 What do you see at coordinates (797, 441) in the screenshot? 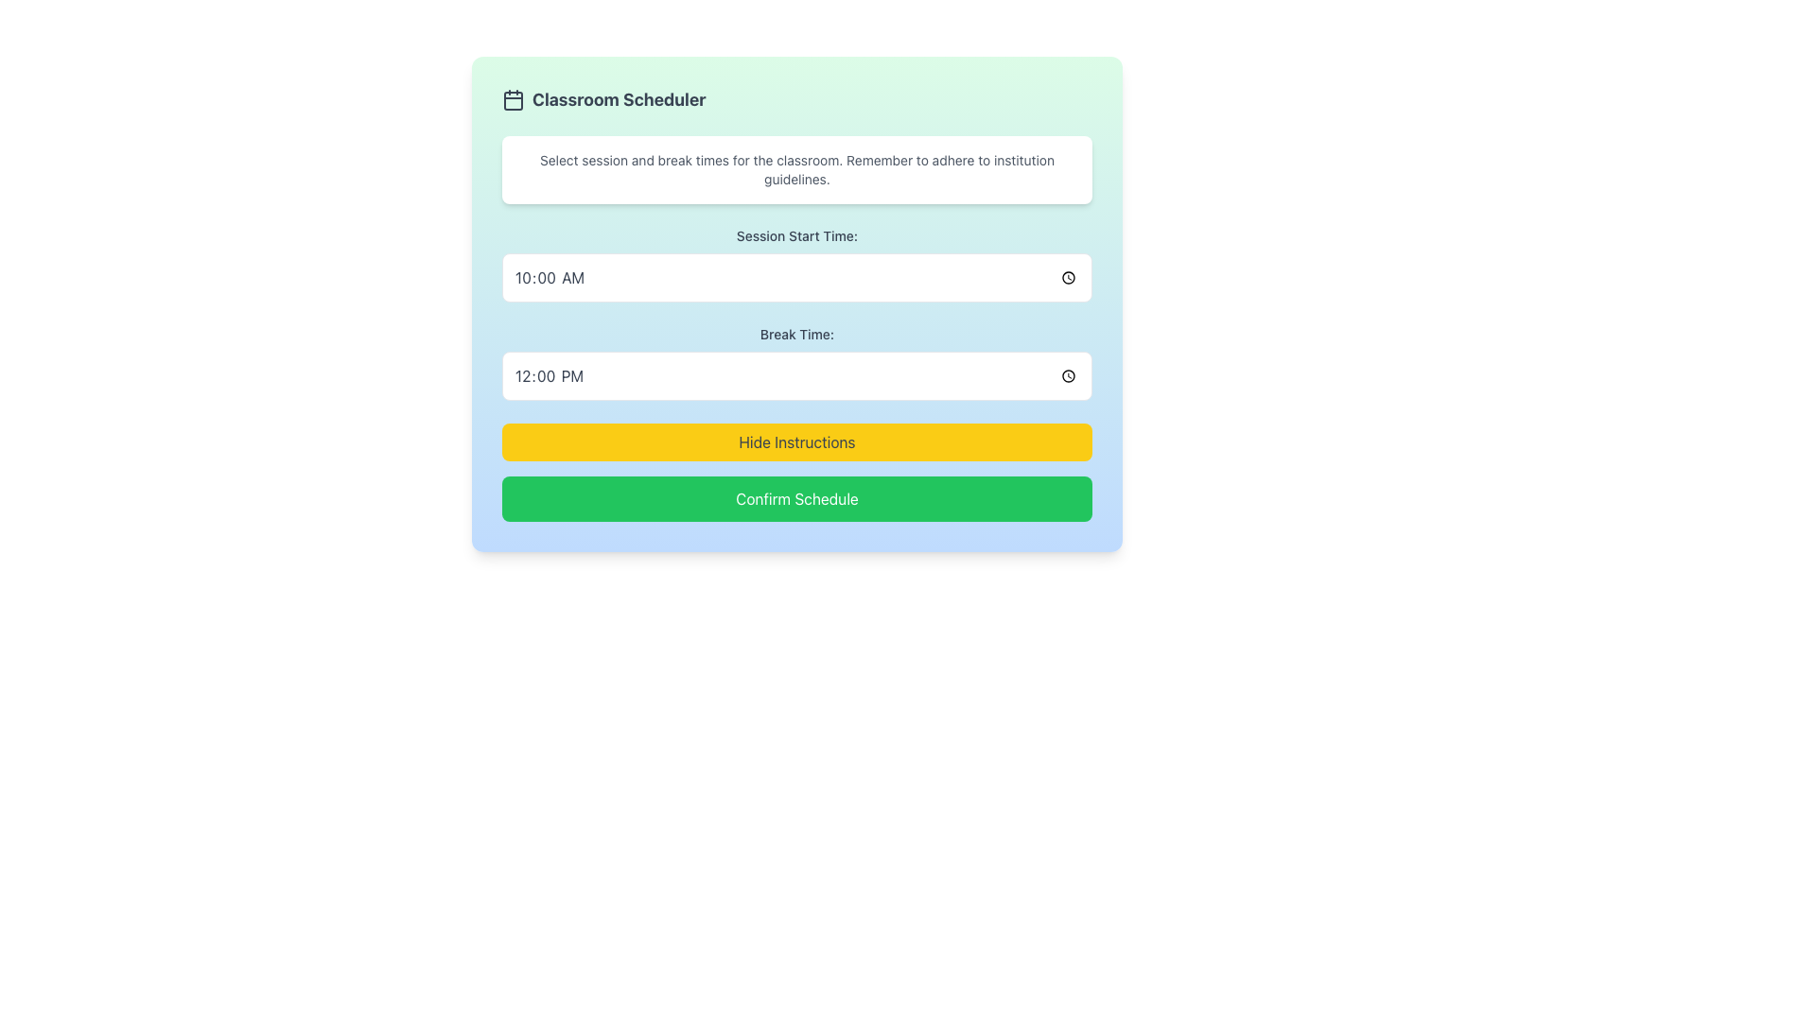
I see `the vibrant yellow 'Hide Instructions' button with rounded corners to hide instructions` at bounding box center [797, 441].